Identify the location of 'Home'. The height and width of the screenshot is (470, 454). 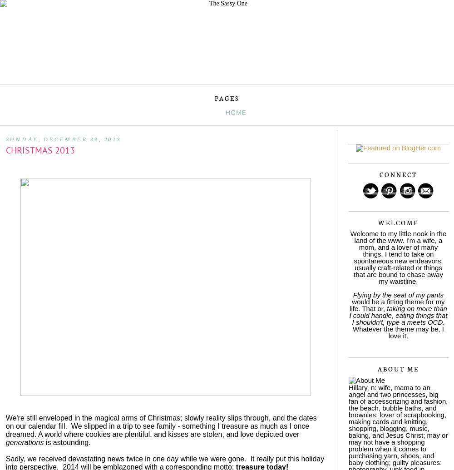
(236, 112).